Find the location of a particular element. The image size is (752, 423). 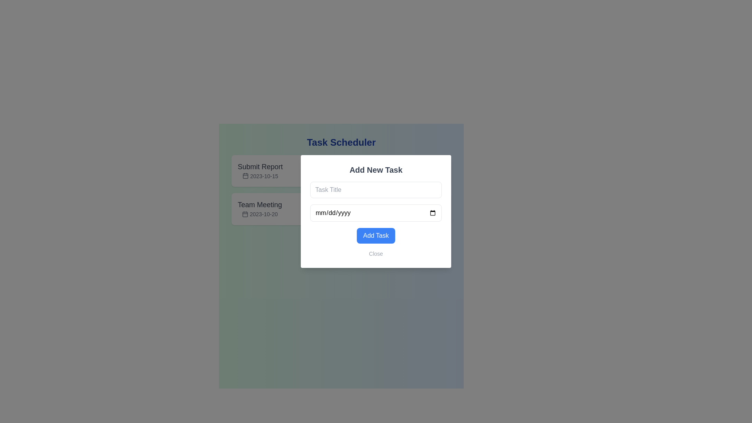

the text label displaying the date associated with the task 'Submit Report', which is located immediately below the 'Submit Report' title is located at coordinates (260, 176).